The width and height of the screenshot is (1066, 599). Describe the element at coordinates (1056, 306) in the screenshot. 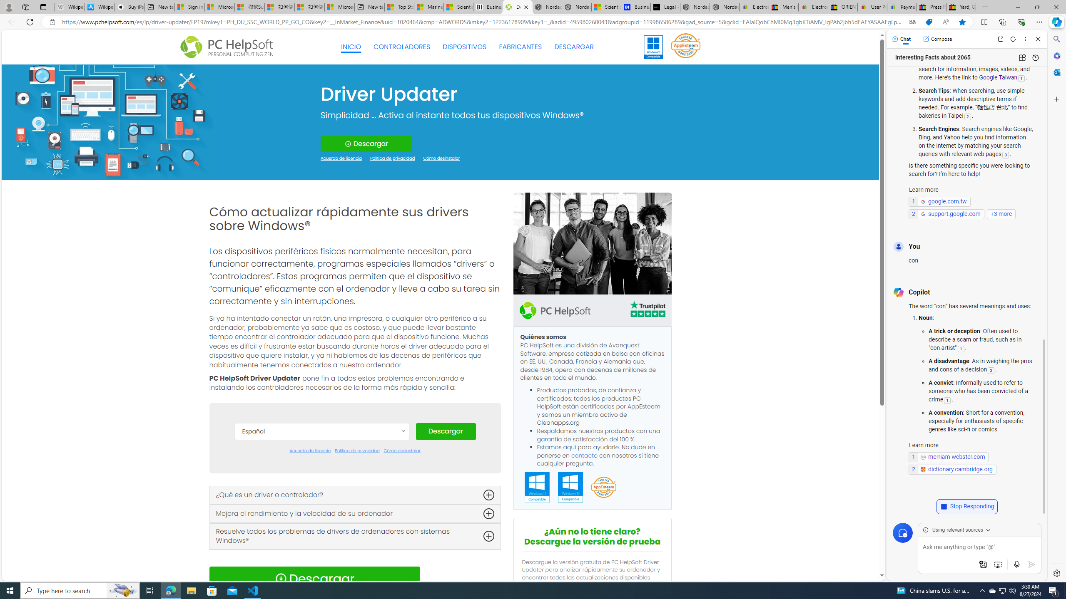

I see `'Side bar'` at that location.